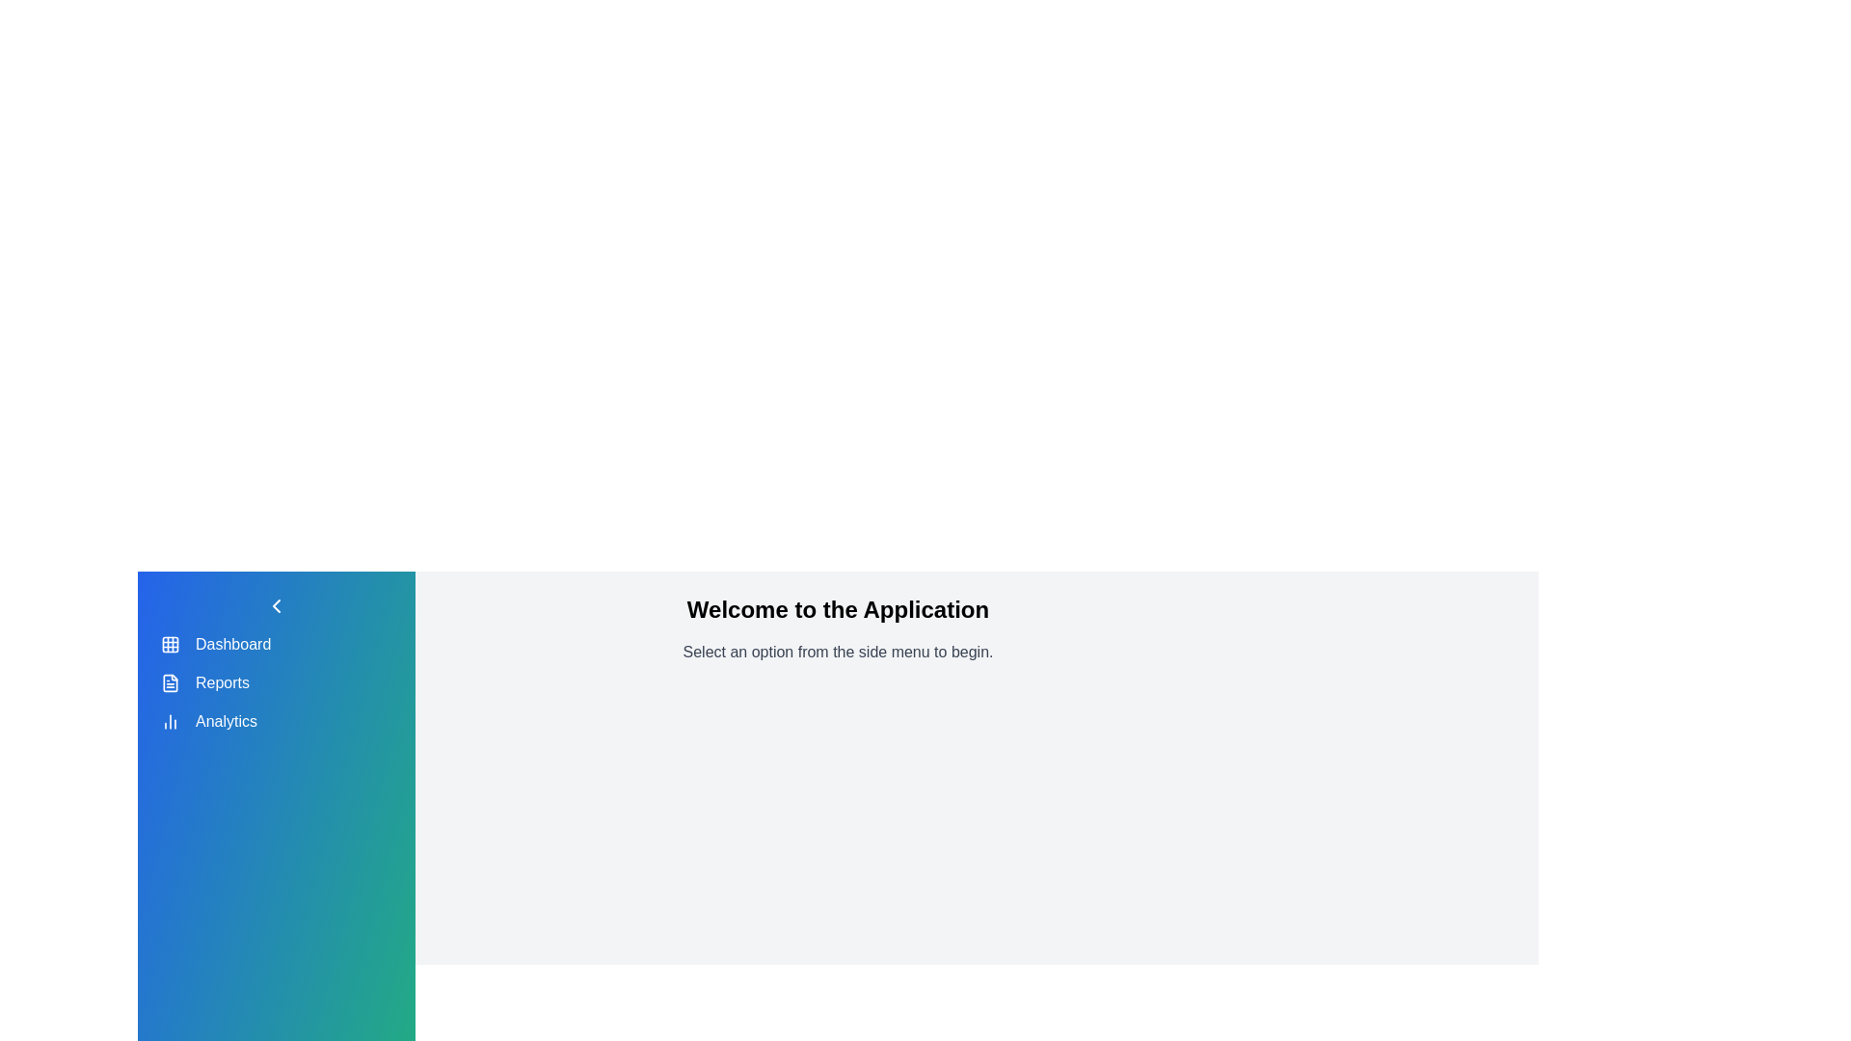 This screenshot has width=1851, height=1041. Describe the element at coordinates (171, 721) in the screenshot. I see `the sidebar item Analytics` at that location.